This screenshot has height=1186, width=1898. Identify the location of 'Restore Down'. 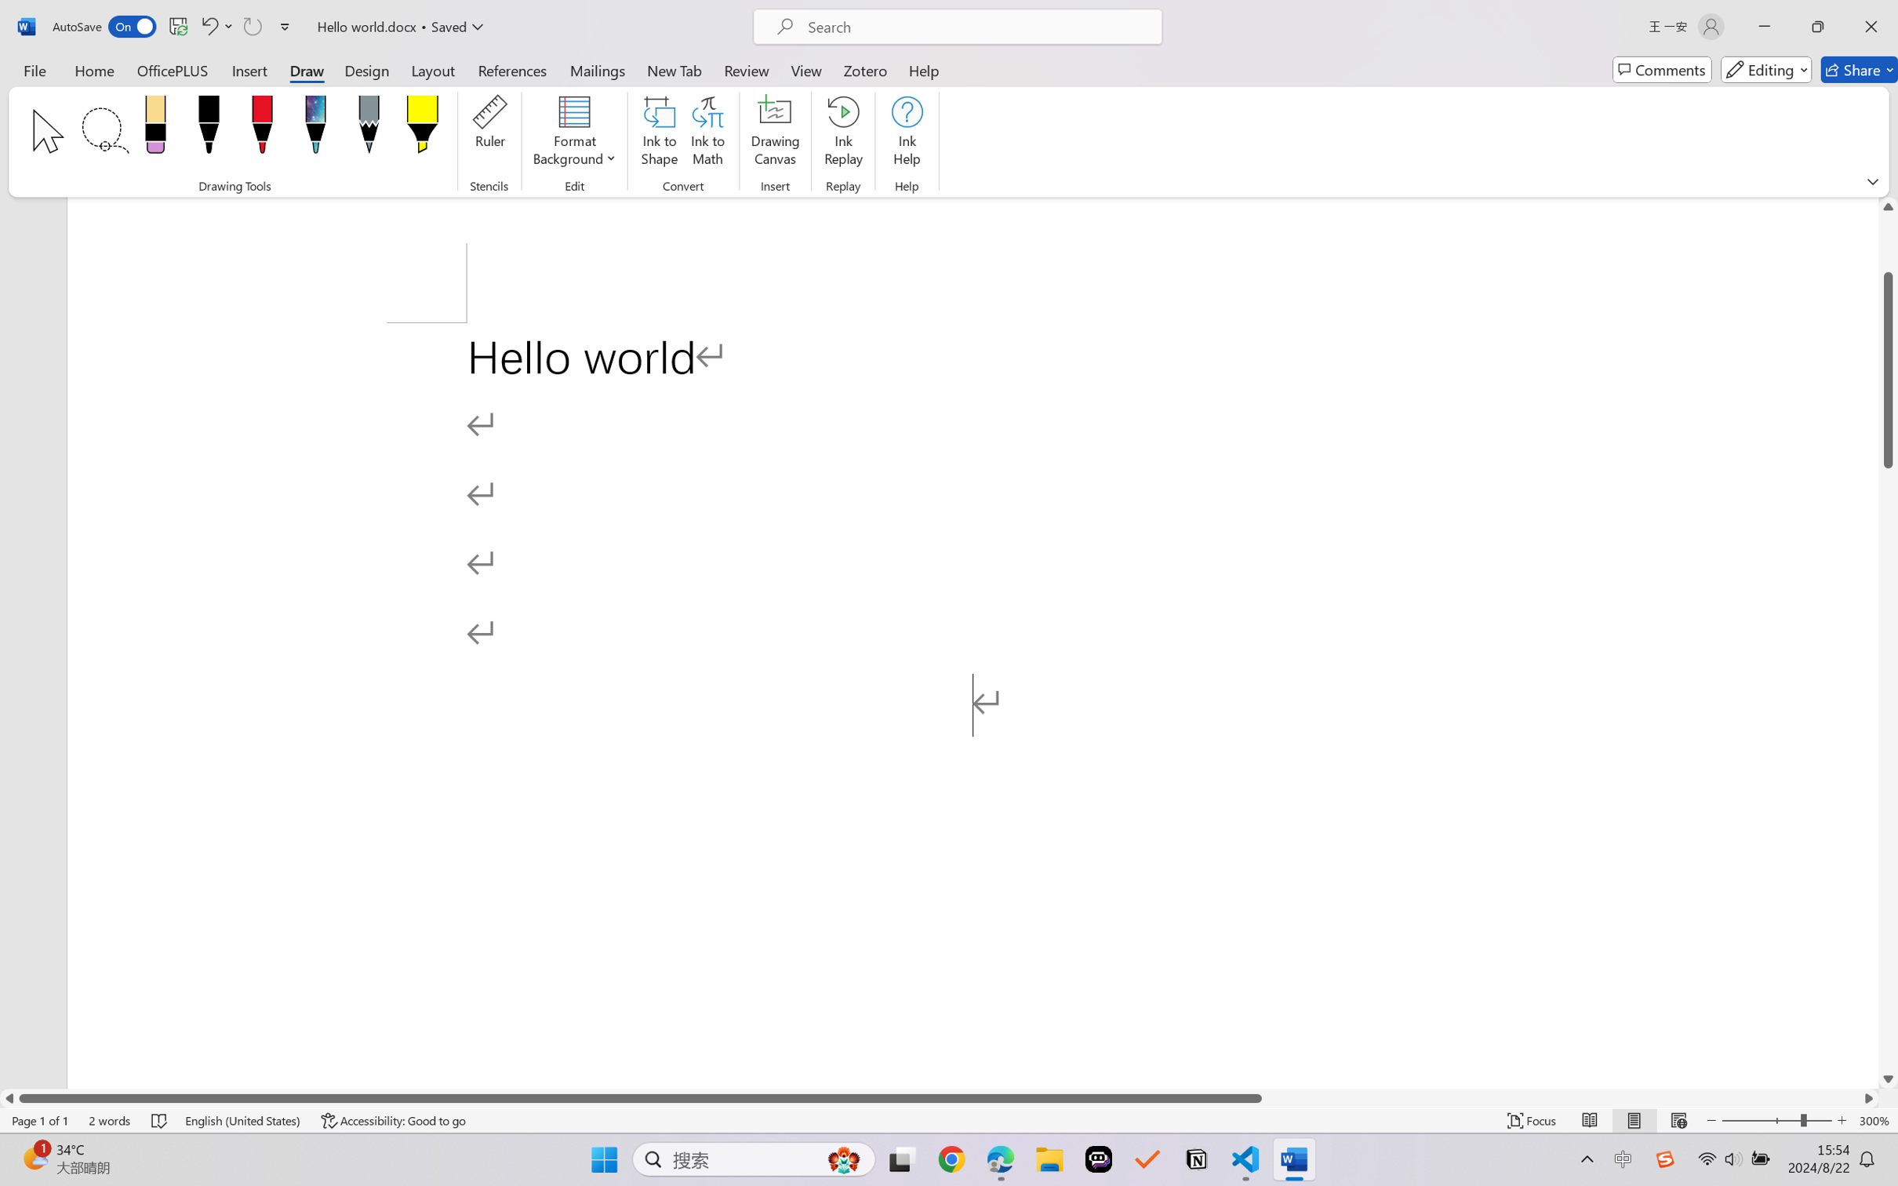
(1818, 26).